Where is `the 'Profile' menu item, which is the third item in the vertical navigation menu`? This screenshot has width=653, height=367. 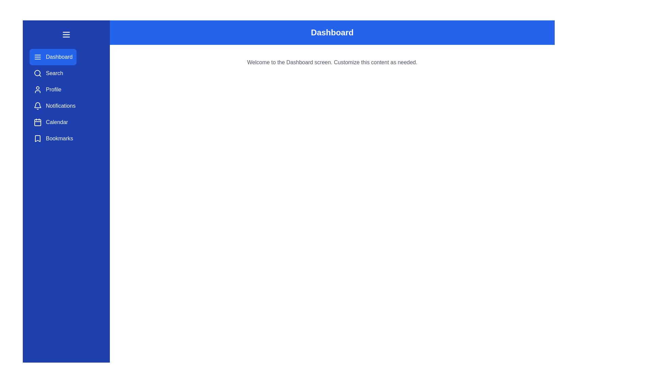 the 'Profile' menu item, which is the third item in the vertical navigation menu is located at coordinates (47, 89).